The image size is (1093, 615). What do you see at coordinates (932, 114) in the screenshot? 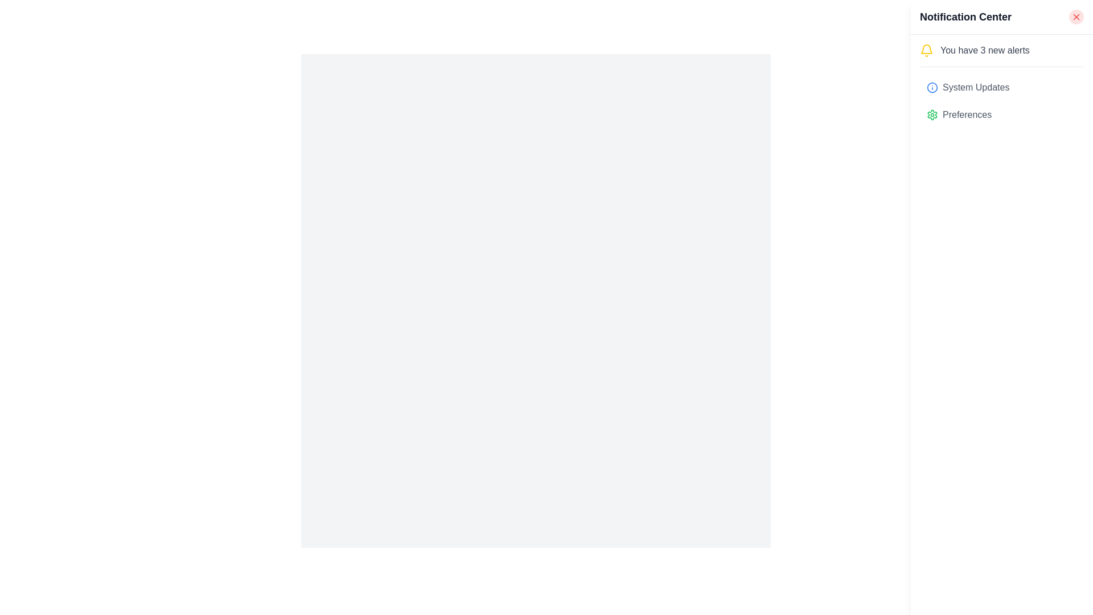
I see `the small gear-shaped icon with a green outline located to the left of the text 'Preferences'` at bounding box center [932, 114].